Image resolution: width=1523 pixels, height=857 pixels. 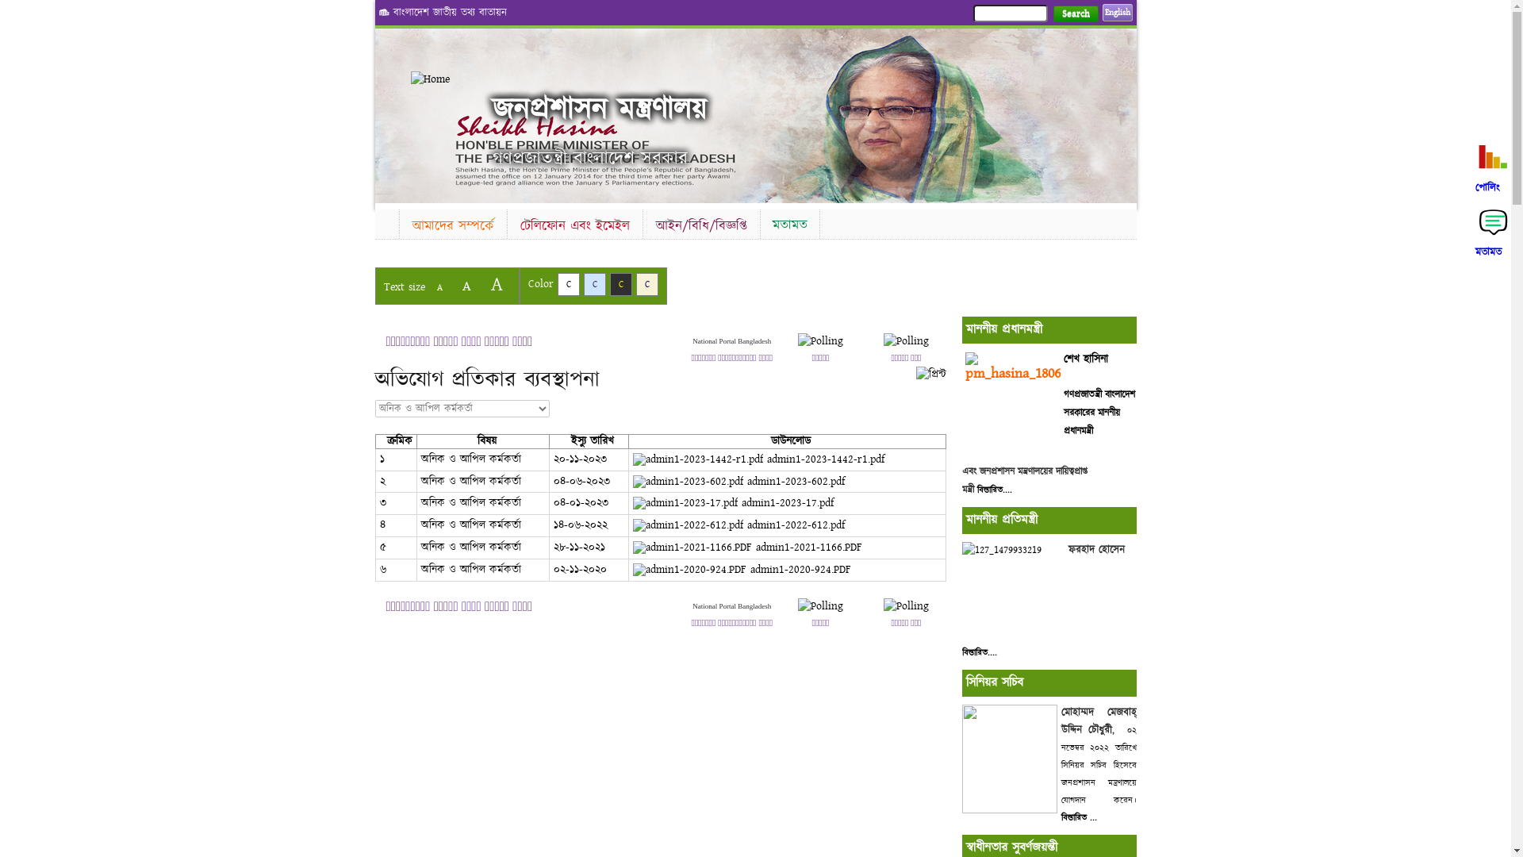 I want to click on 'Search', so click(x=1076, y=13).